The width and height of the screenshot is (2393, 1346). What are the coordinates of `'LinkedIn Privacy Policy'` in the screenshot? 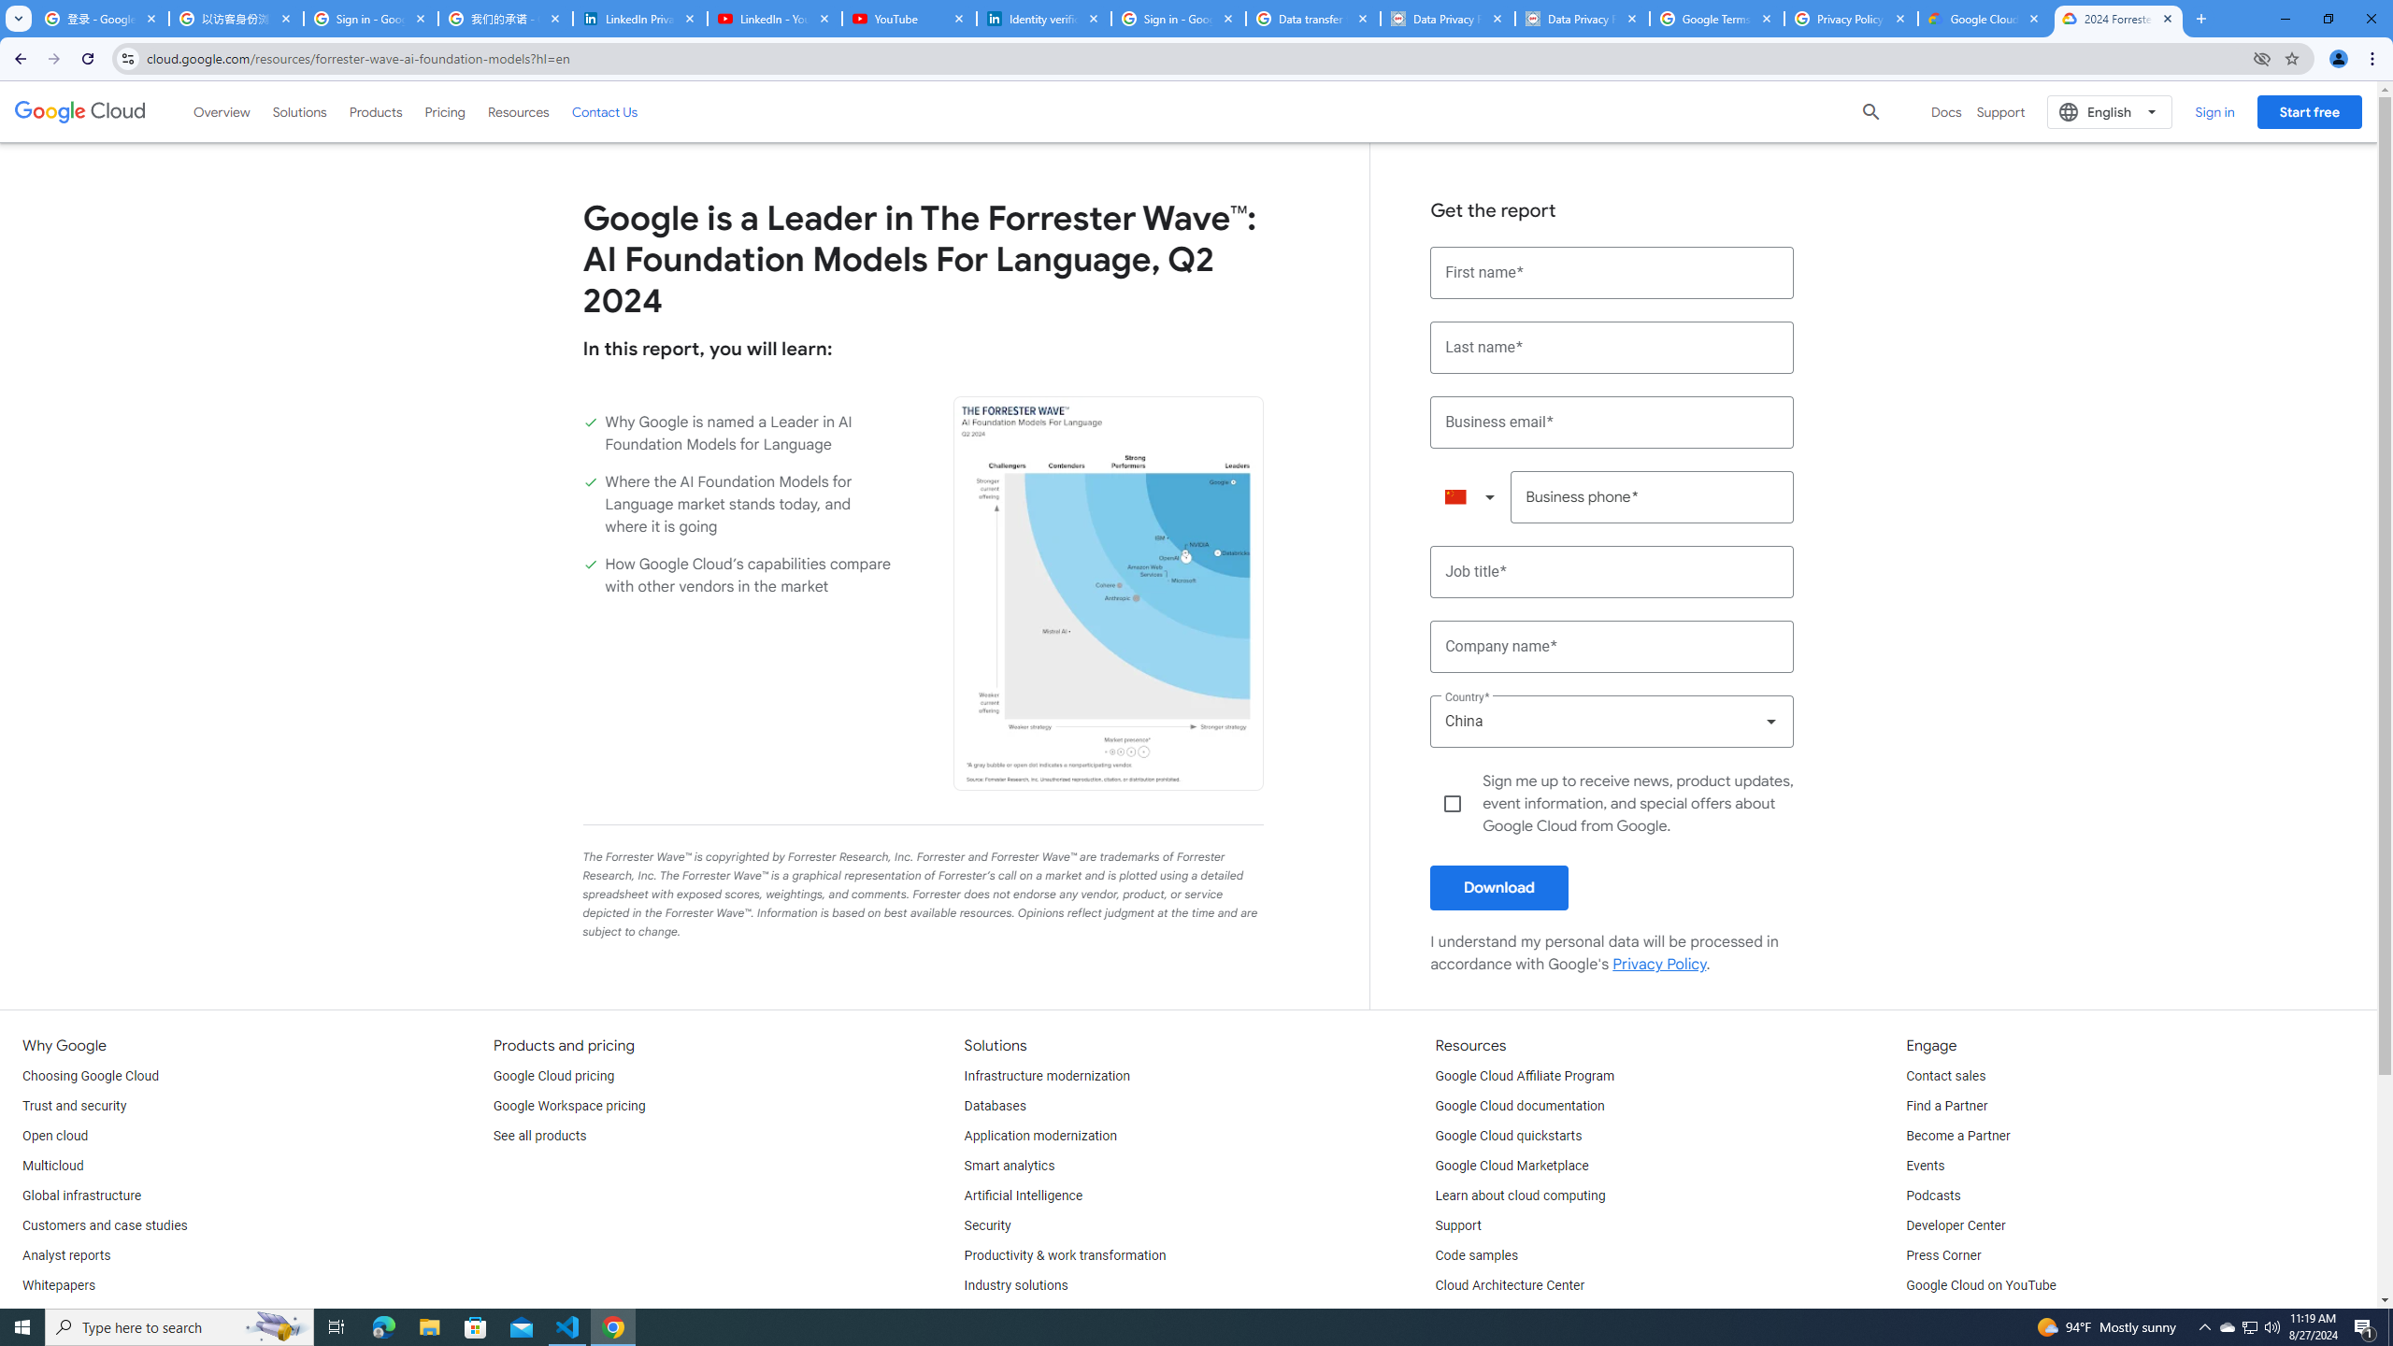 It's located at (639, 18).